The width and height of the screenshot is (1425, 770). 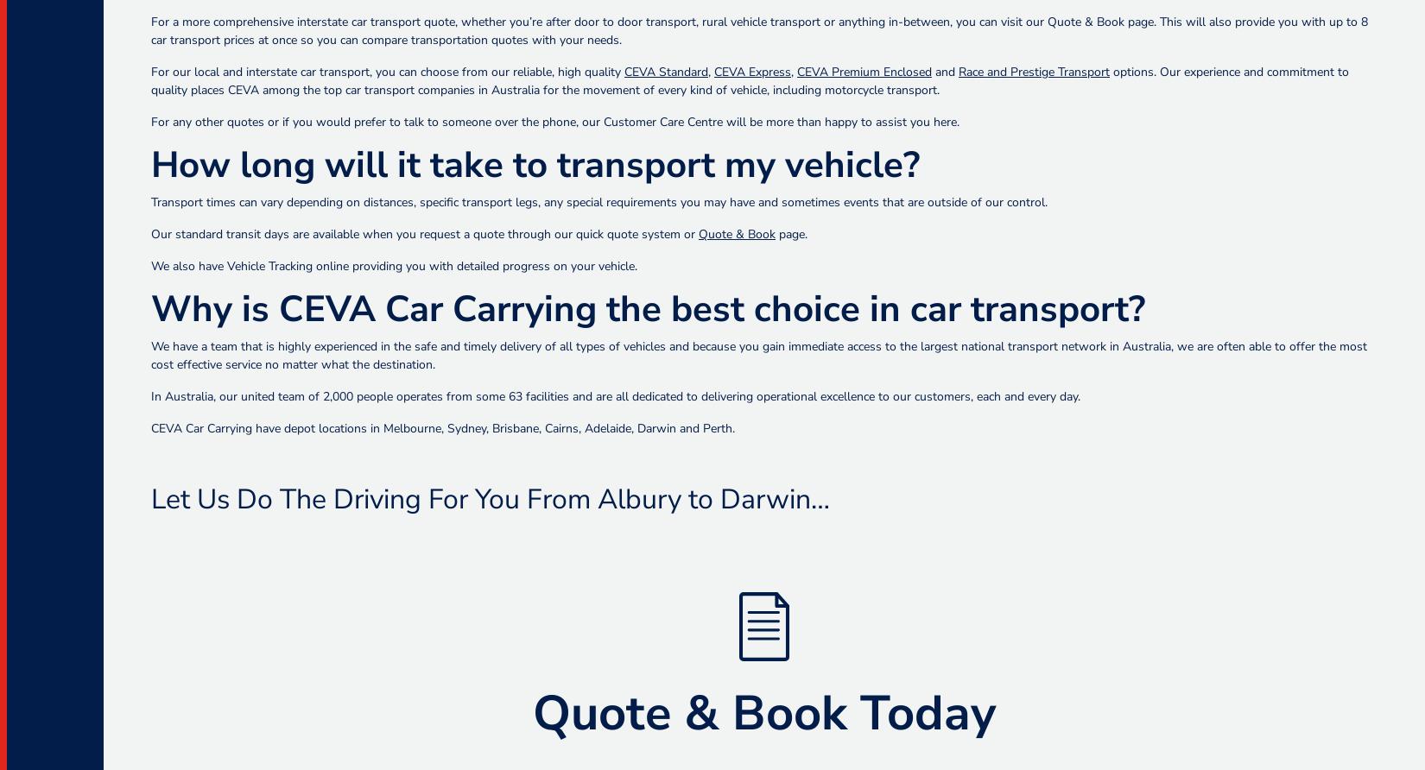 What do you see at coordinates (151, 234) in the screenshot?
I see `'Our standard transit days are available when you request a quote through our quick quote system or'` at bounding box center [151, 234].